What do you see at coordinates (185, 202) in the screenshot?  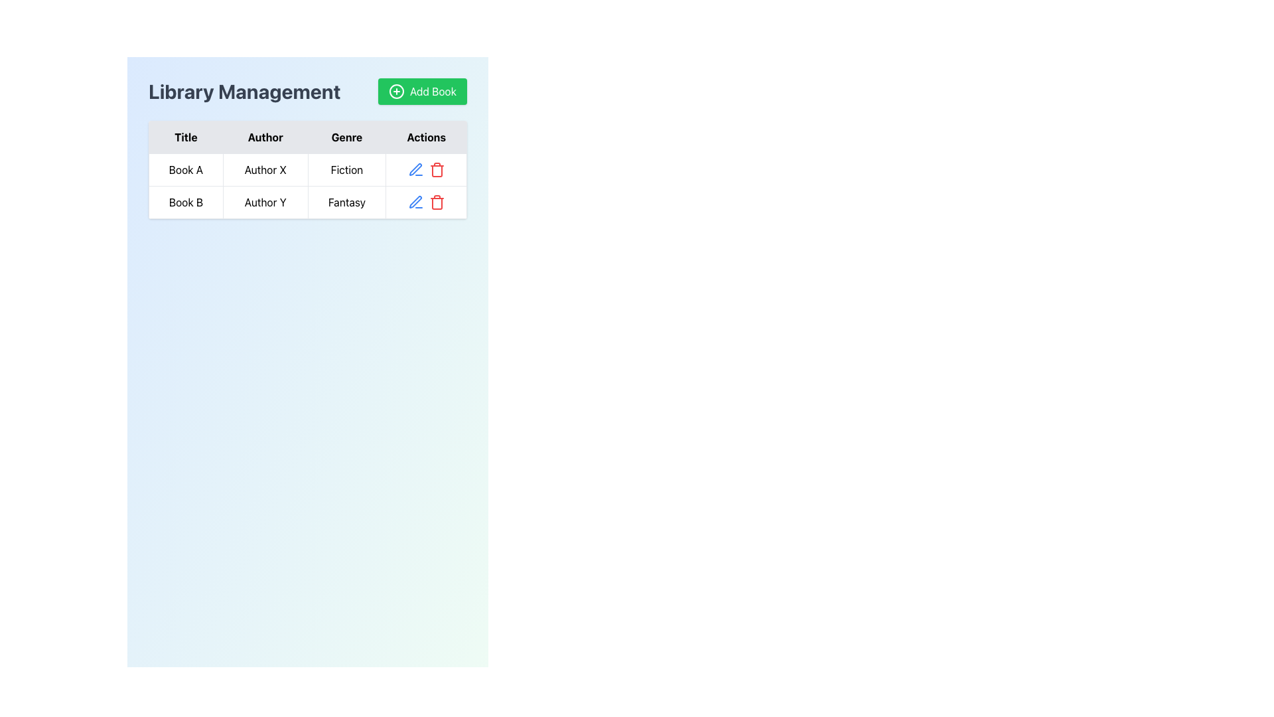 I see `the table cell displaying 'Book B' in bold, located in the second row under the 'Title' column` at bounding box center [185, 202].